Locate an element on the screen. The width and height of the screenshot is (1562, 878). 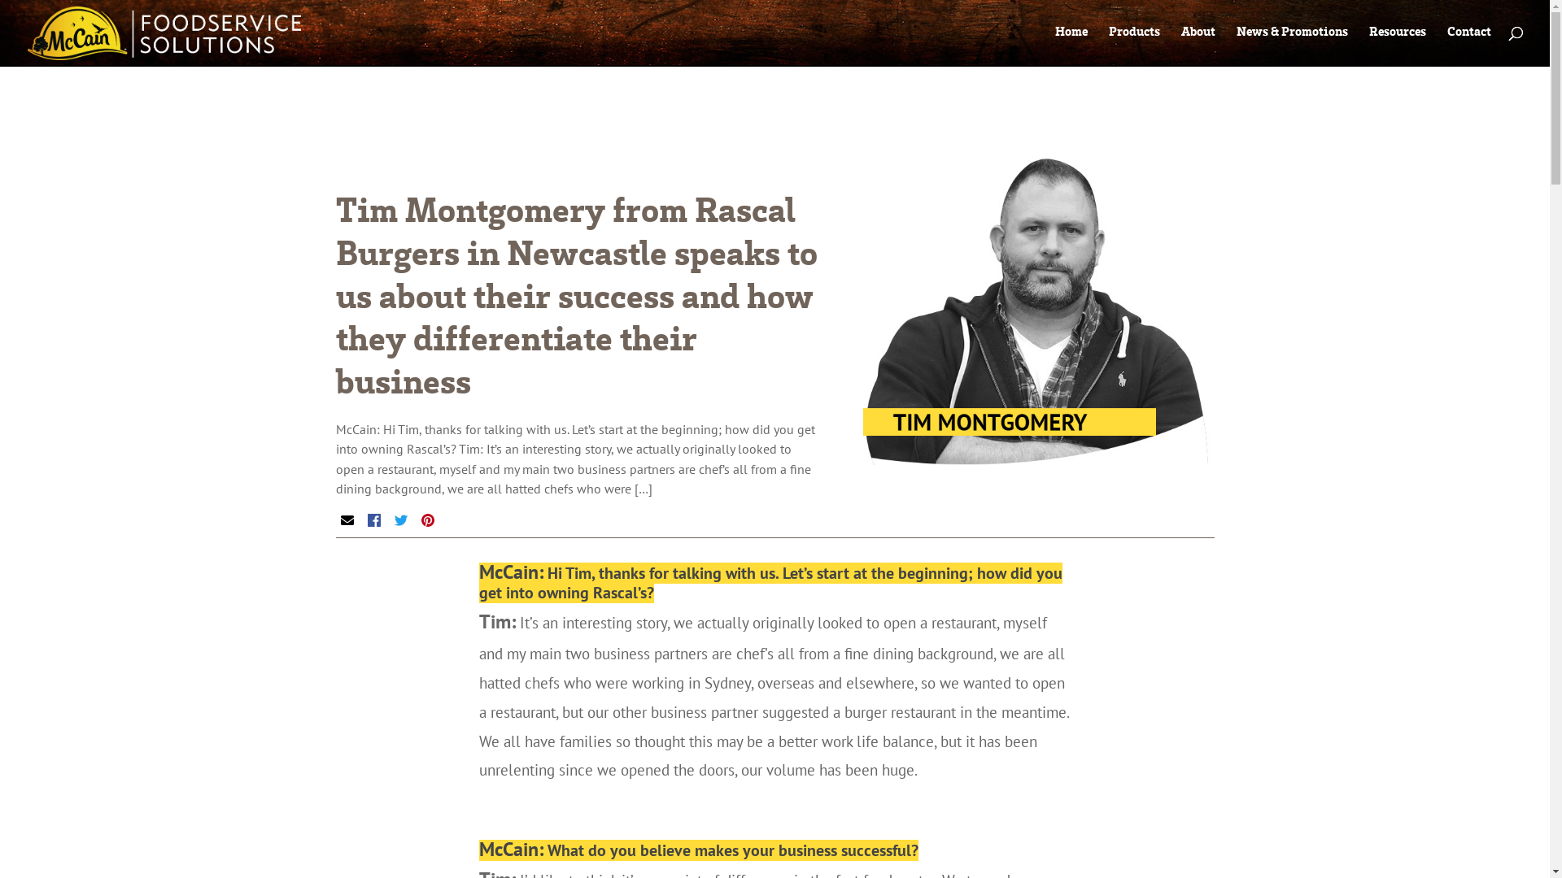
'Contact' is located at coordinates (1468, 34).